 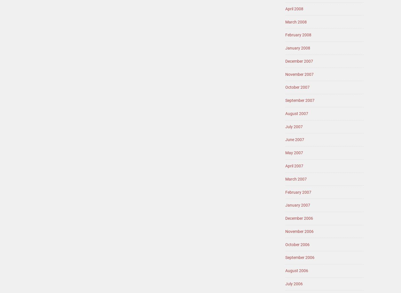 What do you see at coordinates (300, 257) in the screenshot?
I see `'September 2006'` at bounding box center [300, 257].